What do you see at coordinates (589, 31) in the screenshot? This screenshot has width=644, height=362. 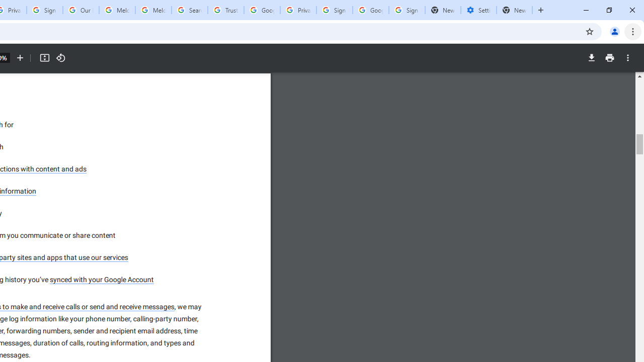 I see `'Bookmark this tab'` at bounding box center [589, 31].